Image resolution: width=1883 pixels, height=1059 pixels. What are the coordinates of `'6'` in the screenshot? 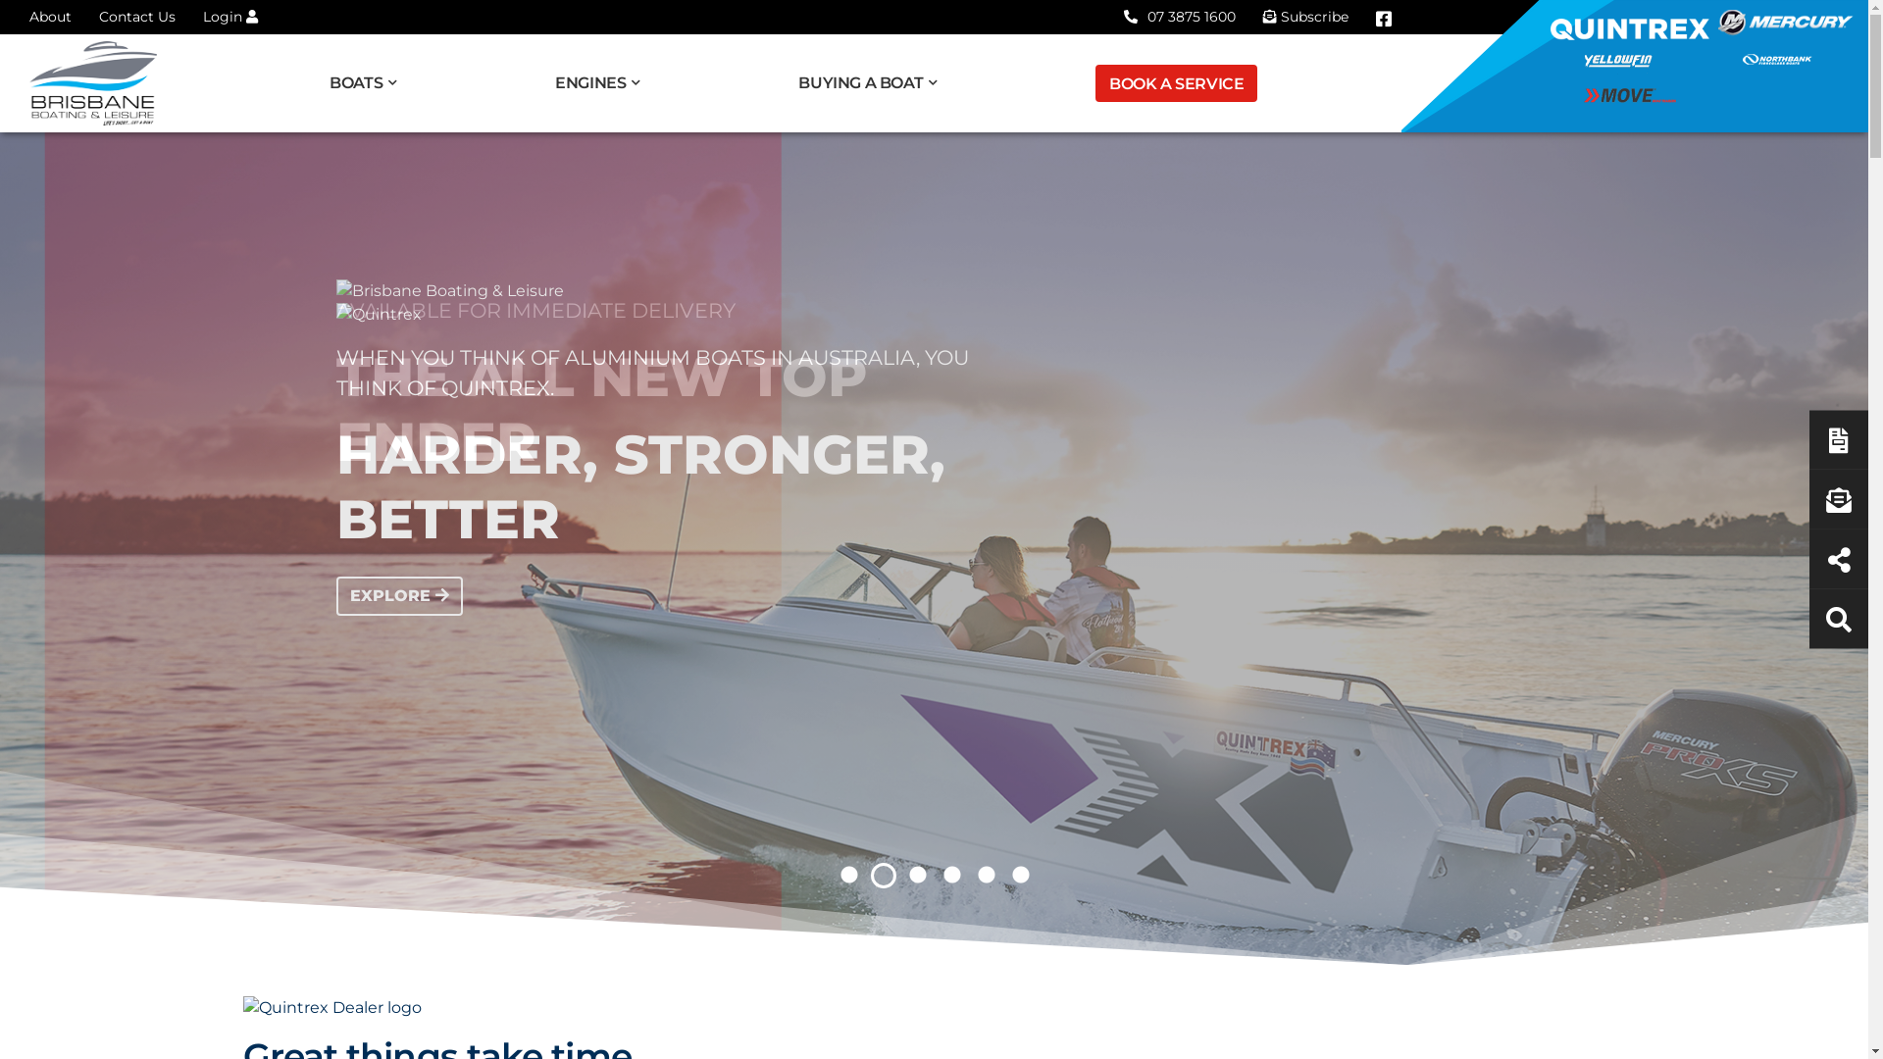 It's located at (1007, 874).